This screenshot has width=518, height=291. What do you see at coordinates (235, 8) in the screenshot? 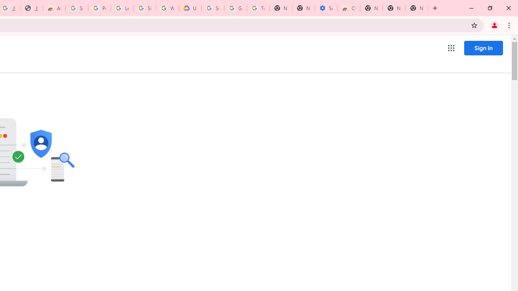
I see `'Google Account Help'` at bounding box center [235, 8].